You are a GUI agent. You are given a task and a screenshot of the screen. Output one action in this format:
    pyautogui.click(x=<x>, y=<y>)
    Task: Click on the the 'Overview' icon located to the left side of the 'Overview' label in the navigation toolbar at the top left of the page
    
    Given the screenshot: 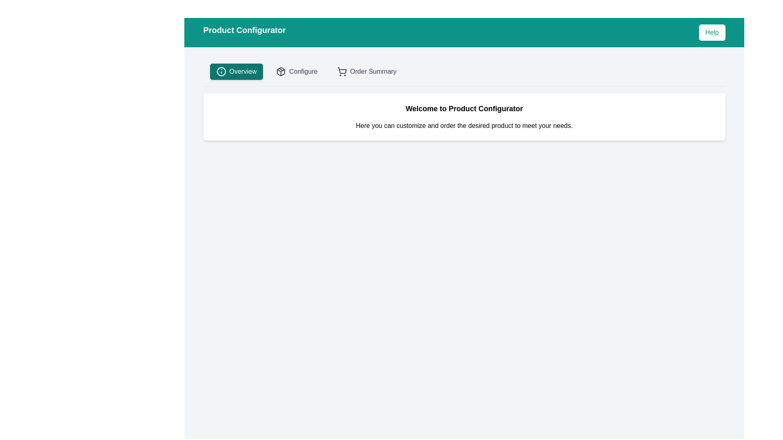 What is the action you would take?
    pyautogui.click(x=221, y=71)
    